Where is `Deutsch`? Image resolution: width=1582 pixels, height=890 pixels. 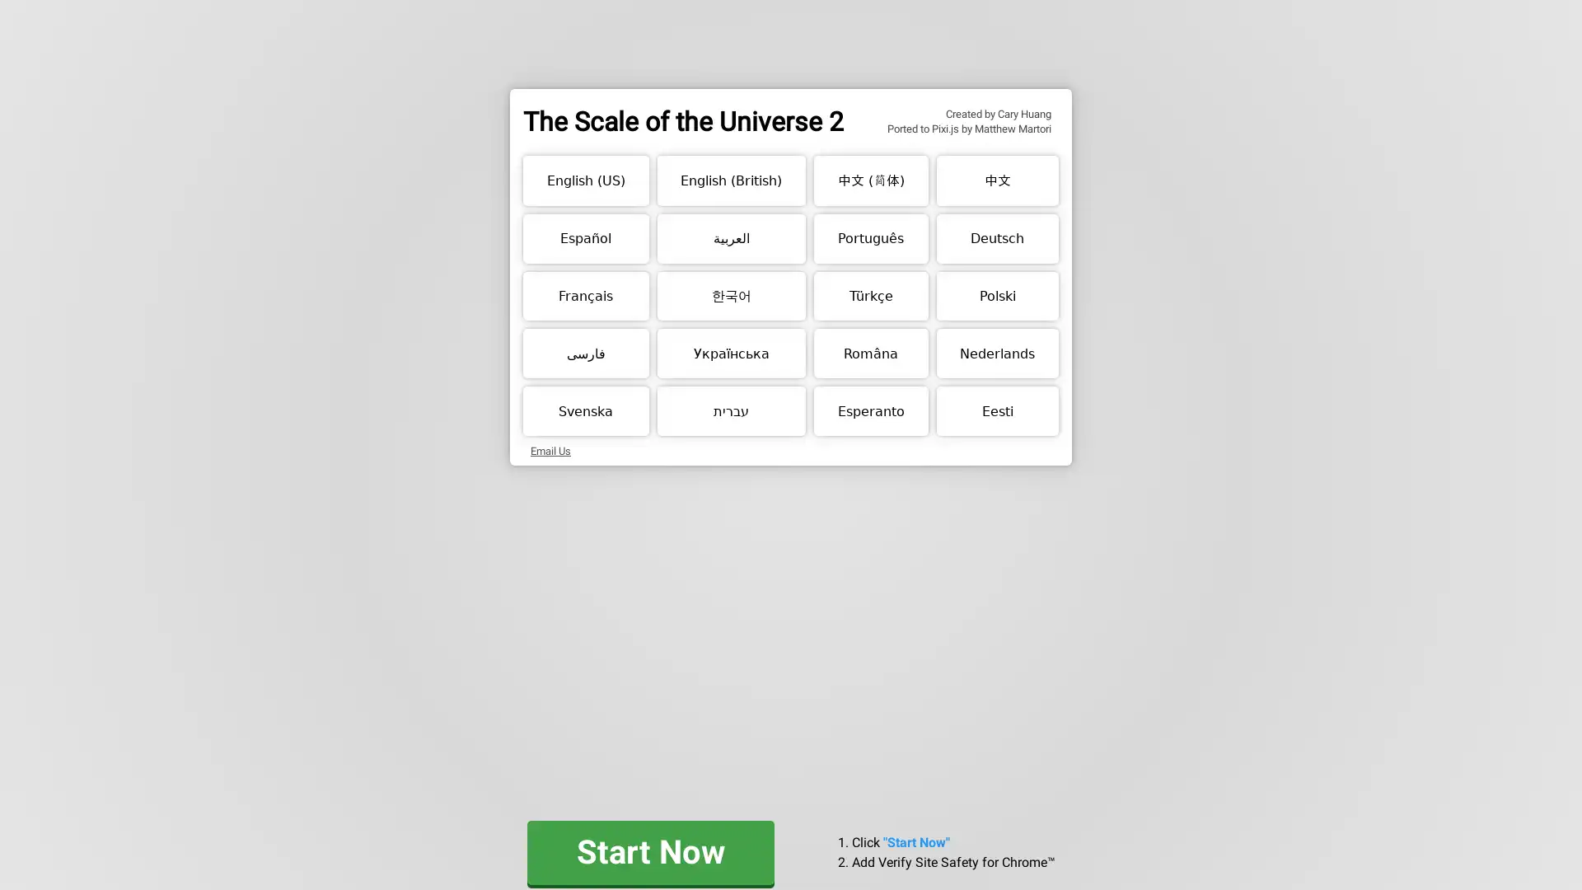 Deutsch is located at coordinates (996, 238).